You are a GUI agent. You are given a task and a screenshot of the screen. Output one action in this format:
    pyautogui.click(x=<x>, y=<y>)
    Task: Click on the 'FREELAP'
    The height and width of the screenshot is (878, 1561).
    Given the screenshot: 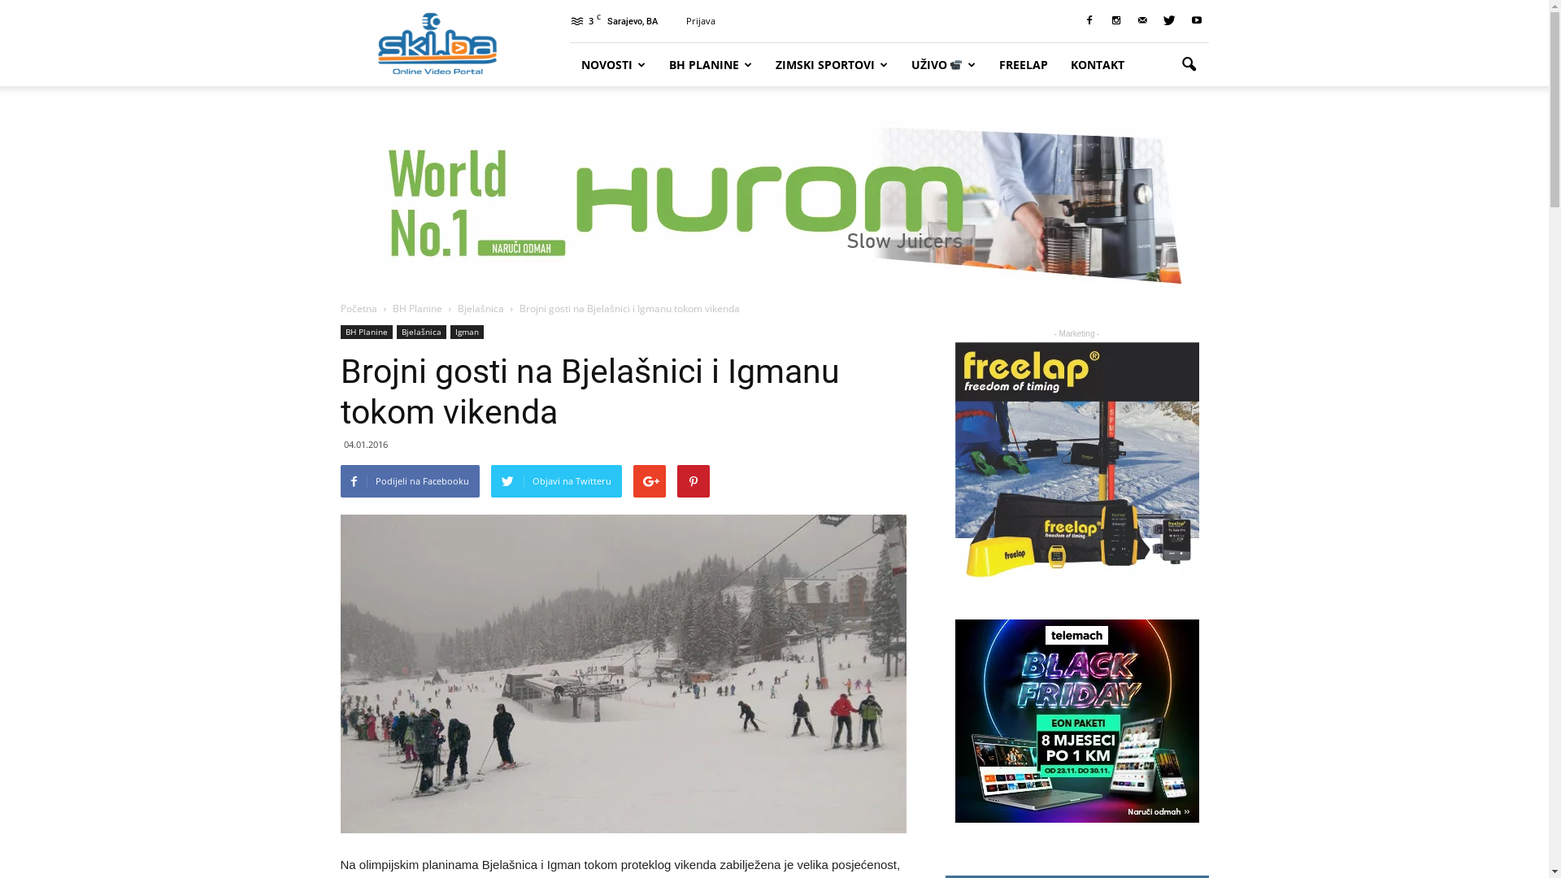 What is the action you would take?
    pyautogui.click(x=986, y=63)
    